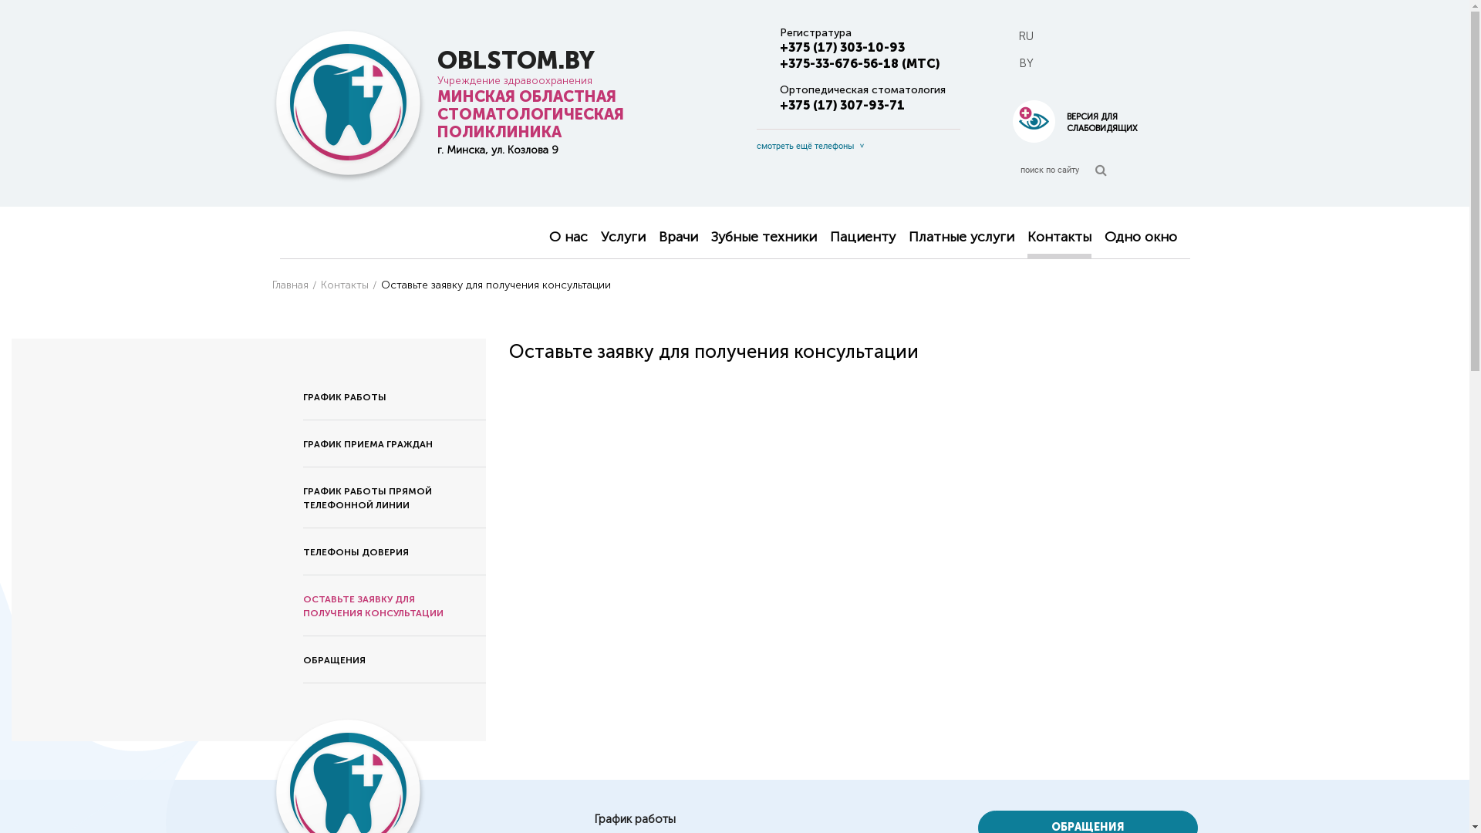 Image resolution: width=1481 pixels, height=833 pixels. What do you see at coordinates (1025, 35) in the screenshot?
I see `'RU'` at bounding box center [1025, 35].